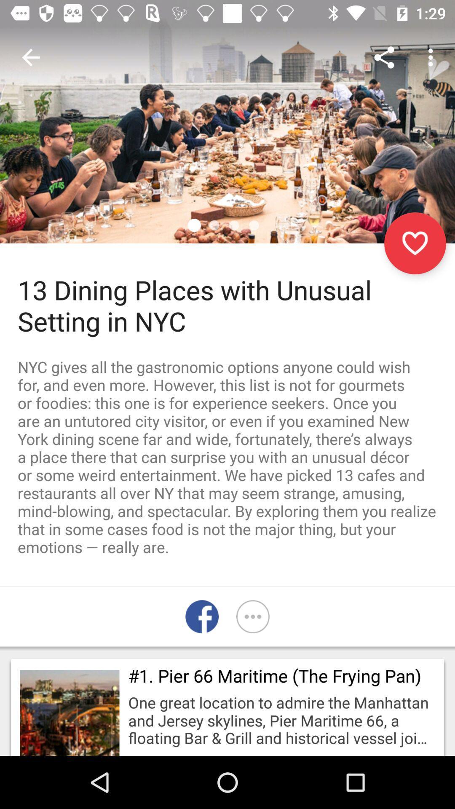  I want to click on more platforms to share the article, so click(252, 616).